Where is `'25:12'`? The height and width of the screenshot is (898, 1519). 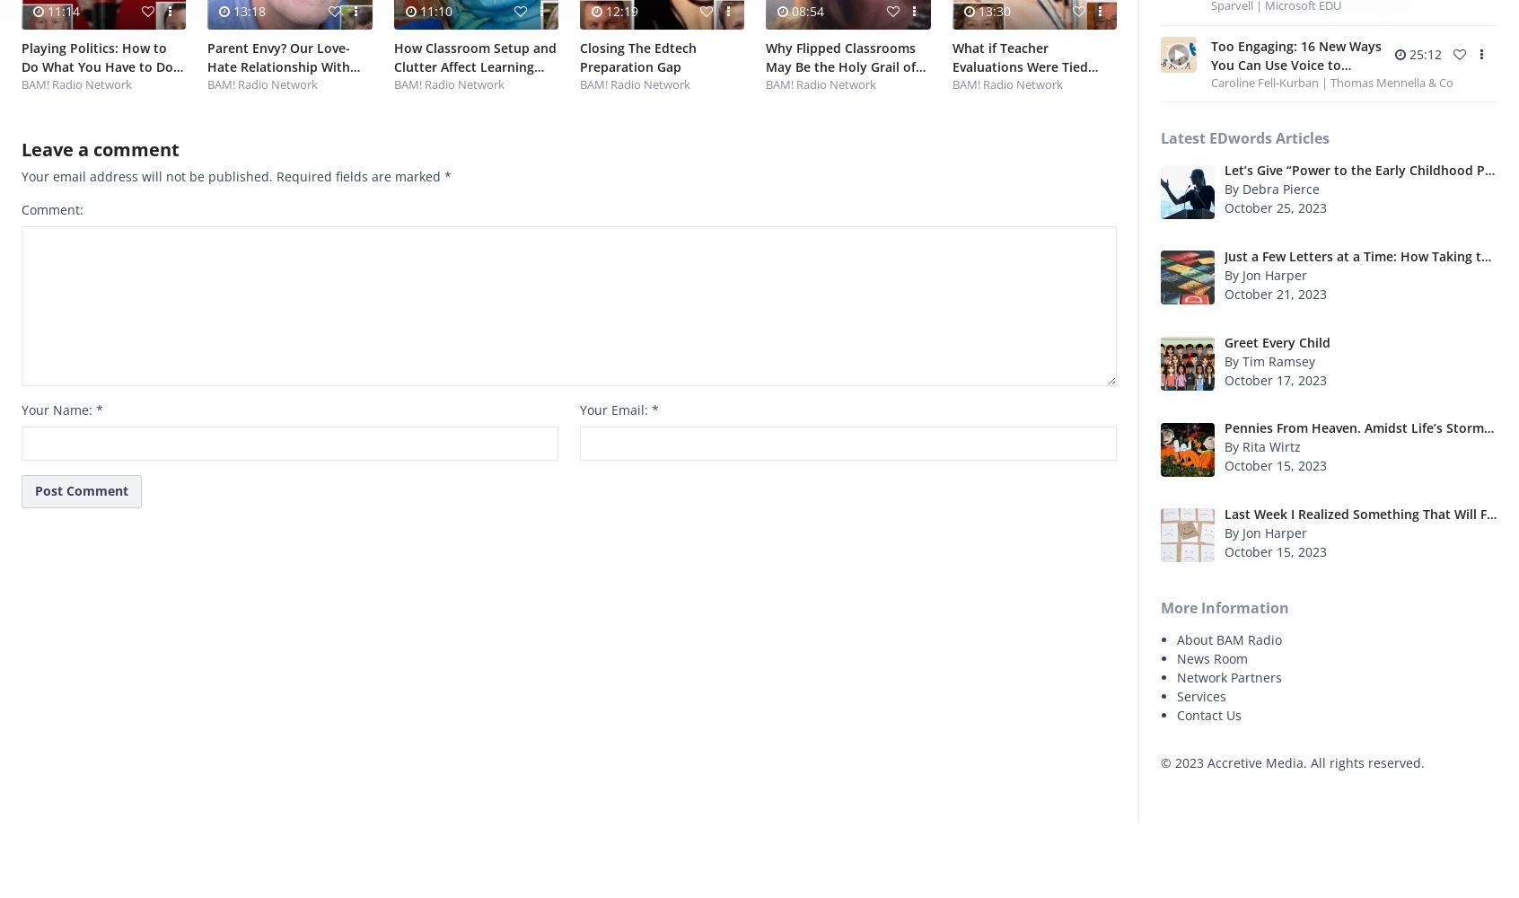 '25:12' is located at coordinates (1423, 53).